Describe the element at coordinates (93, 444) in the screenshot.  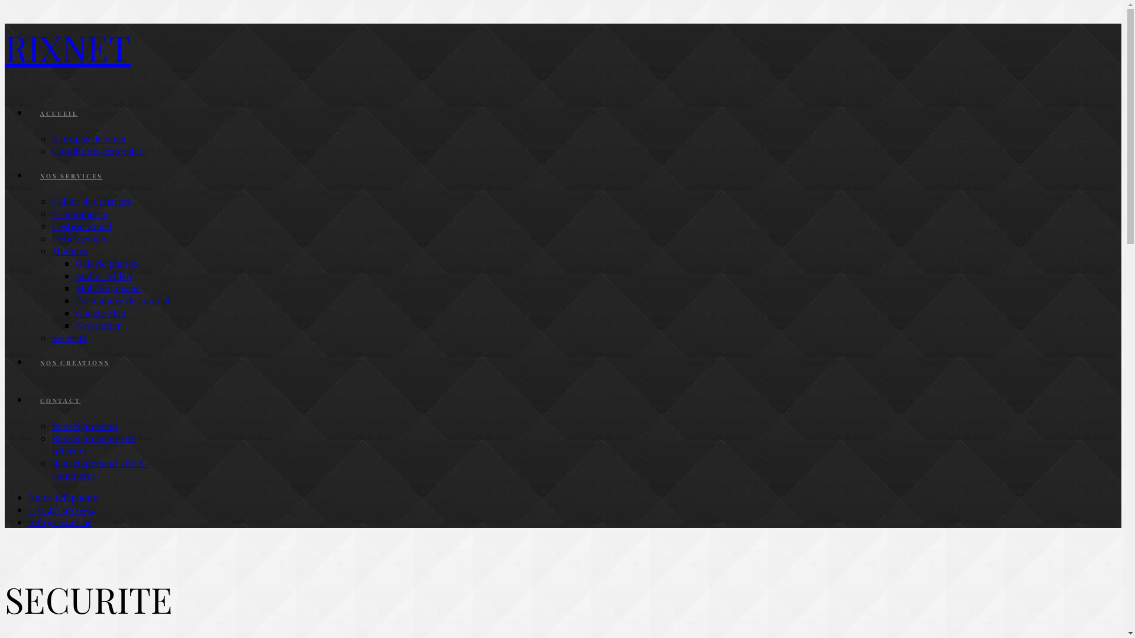
I see `'Renseignement site internet'` at that location.